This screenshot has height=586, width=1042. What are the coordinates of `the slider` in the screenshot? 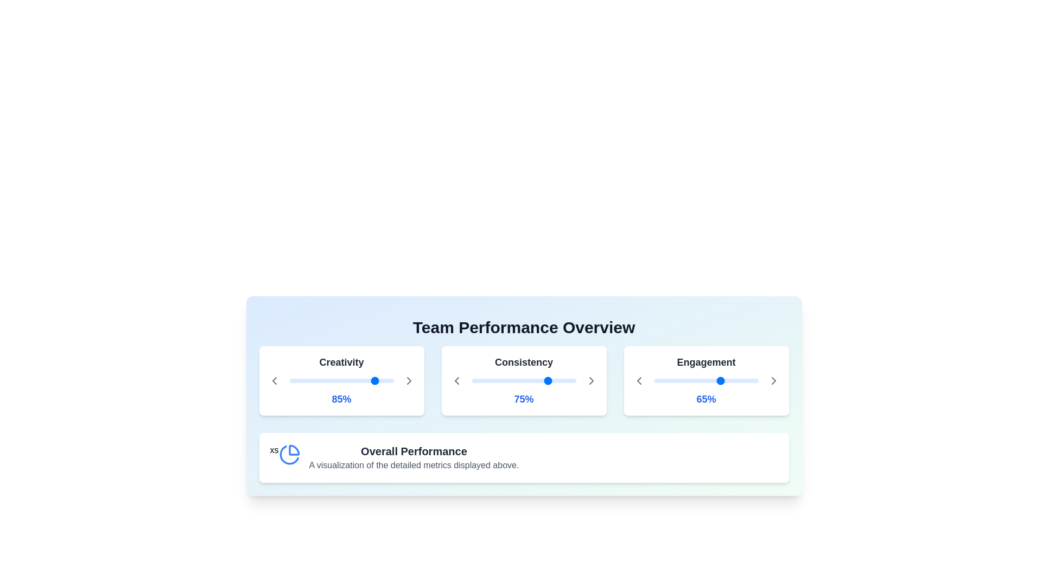 It's located at (363, 380).